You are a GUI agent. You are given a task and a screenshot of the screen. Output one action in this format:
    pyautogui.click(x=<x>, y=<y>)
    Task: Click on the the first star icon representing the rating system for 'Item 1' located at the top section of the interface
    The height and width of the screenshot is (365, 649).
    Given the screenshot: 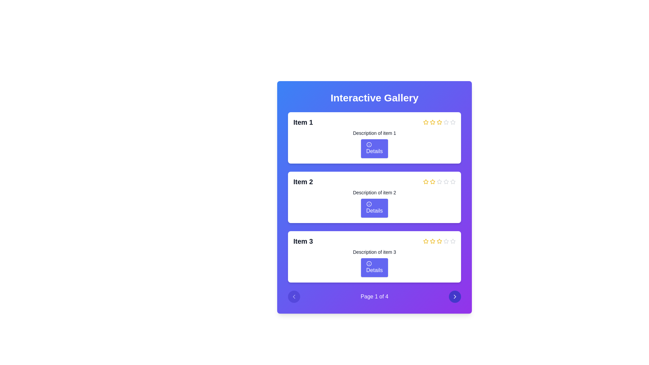 What is the action you would take?
    pyautogui.click(x=425, y=122)
    